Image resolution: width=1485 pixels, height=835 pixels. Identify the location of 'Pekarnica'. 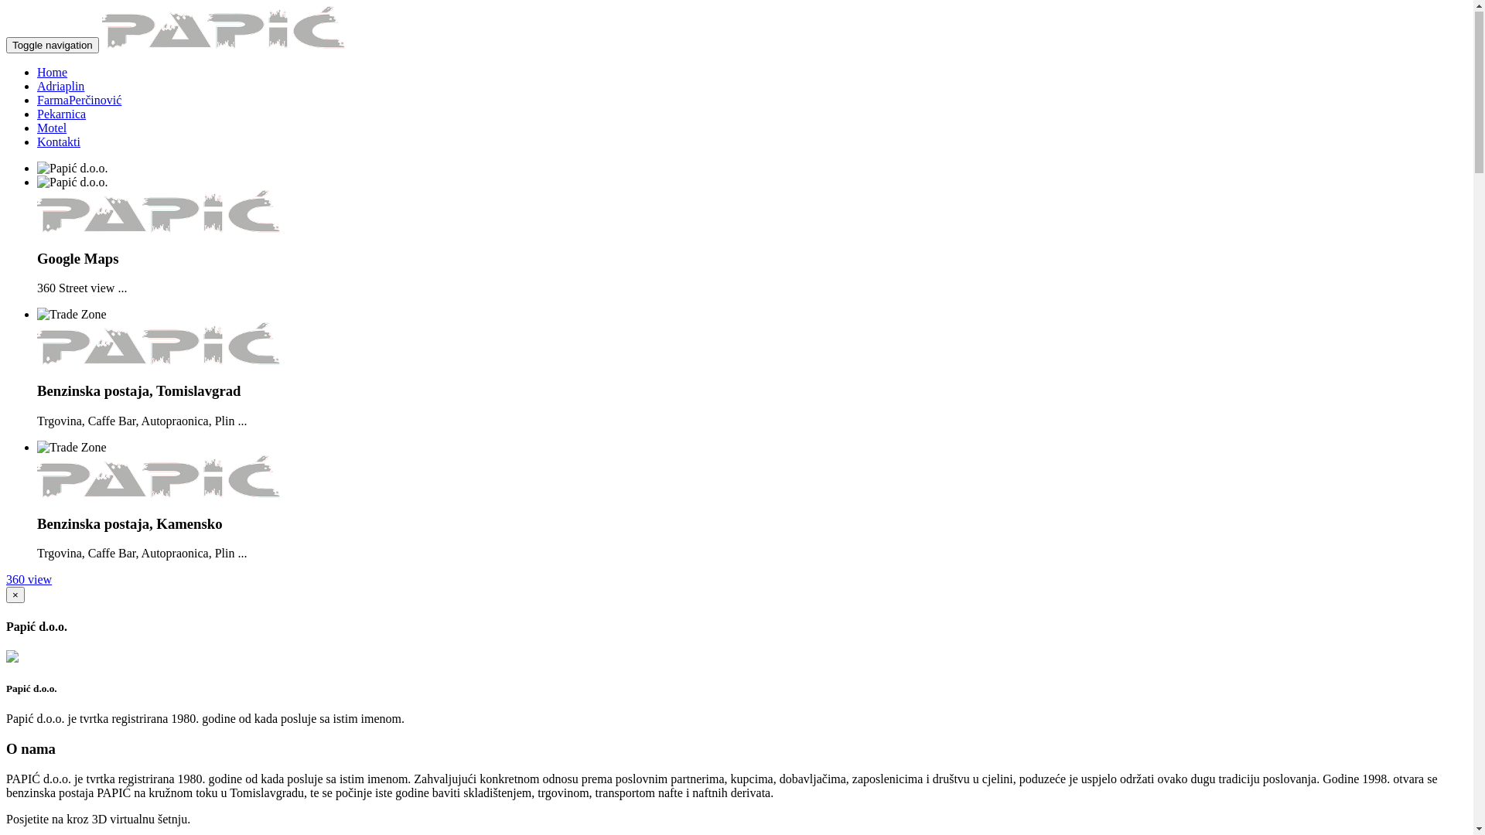
(61, 114).